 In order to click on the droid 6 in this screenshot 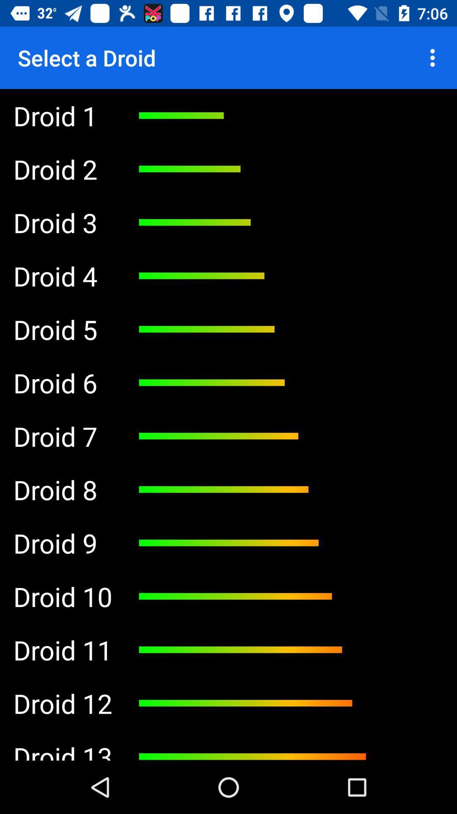, I will do `click(62, 382)`.